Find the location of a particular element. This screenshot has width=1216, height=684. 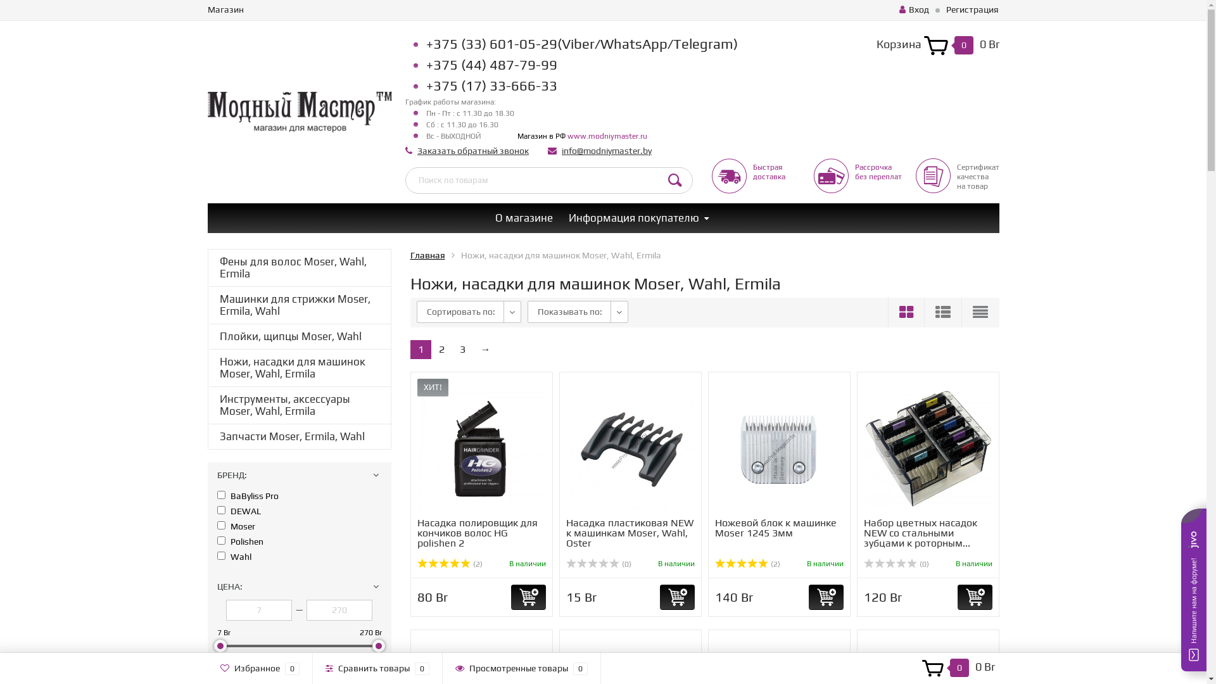

'2' is located at coordinates (441, 349).